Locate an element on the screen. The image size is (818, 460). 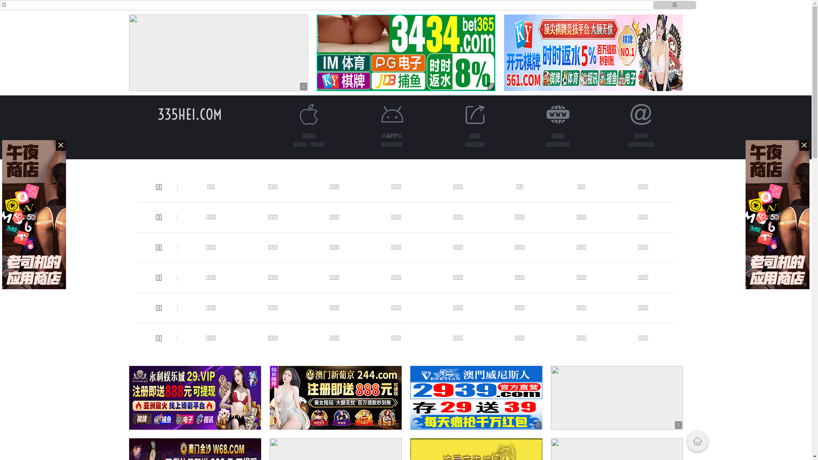
'335HEI.COM' is located at coordinates (189, 114).